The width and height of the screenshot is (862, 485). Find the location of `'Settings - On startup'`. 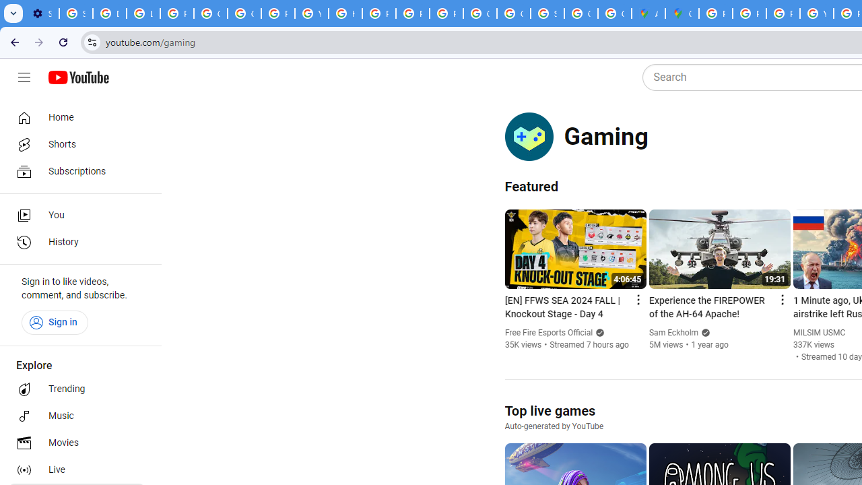

'Settings - On startup' is located at coordinates (42, 13).